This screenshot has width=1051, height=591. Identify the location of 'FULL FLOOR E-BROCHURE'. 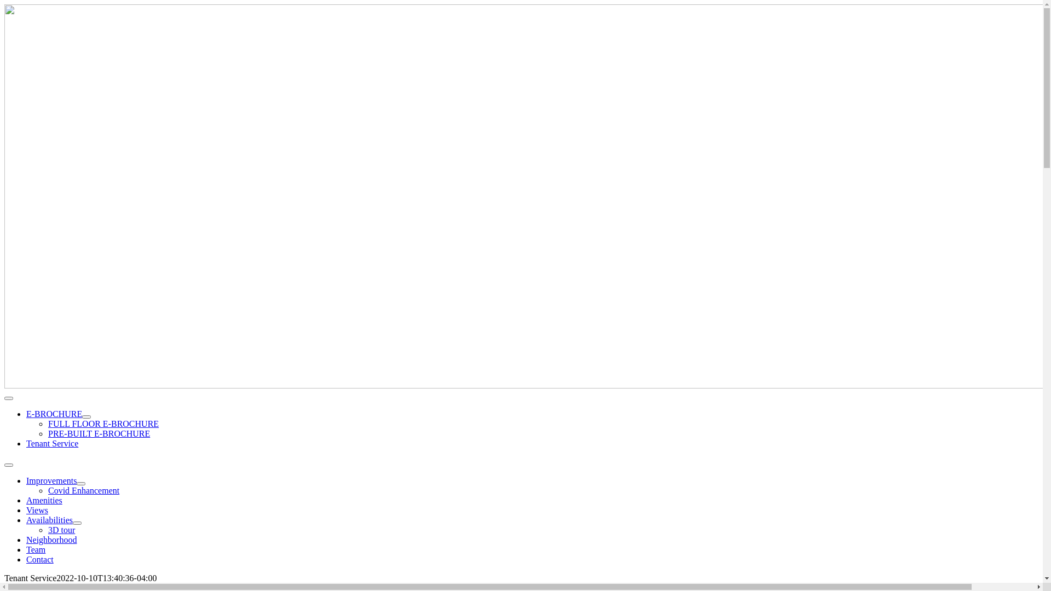
(103, 423).